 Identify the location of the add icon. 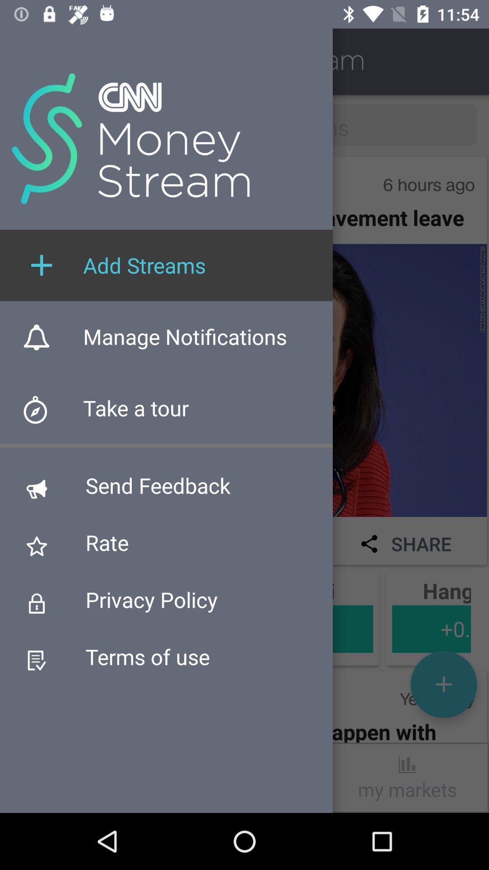
(443, 684).